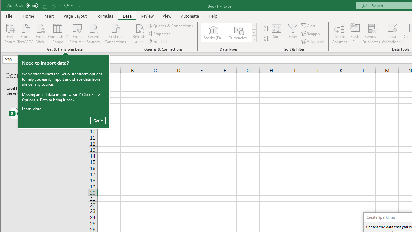  What do you see at coordinates (170, 25) in the screenshot?
I see `'Queries & Connections'` at bounding box center [170, 25].